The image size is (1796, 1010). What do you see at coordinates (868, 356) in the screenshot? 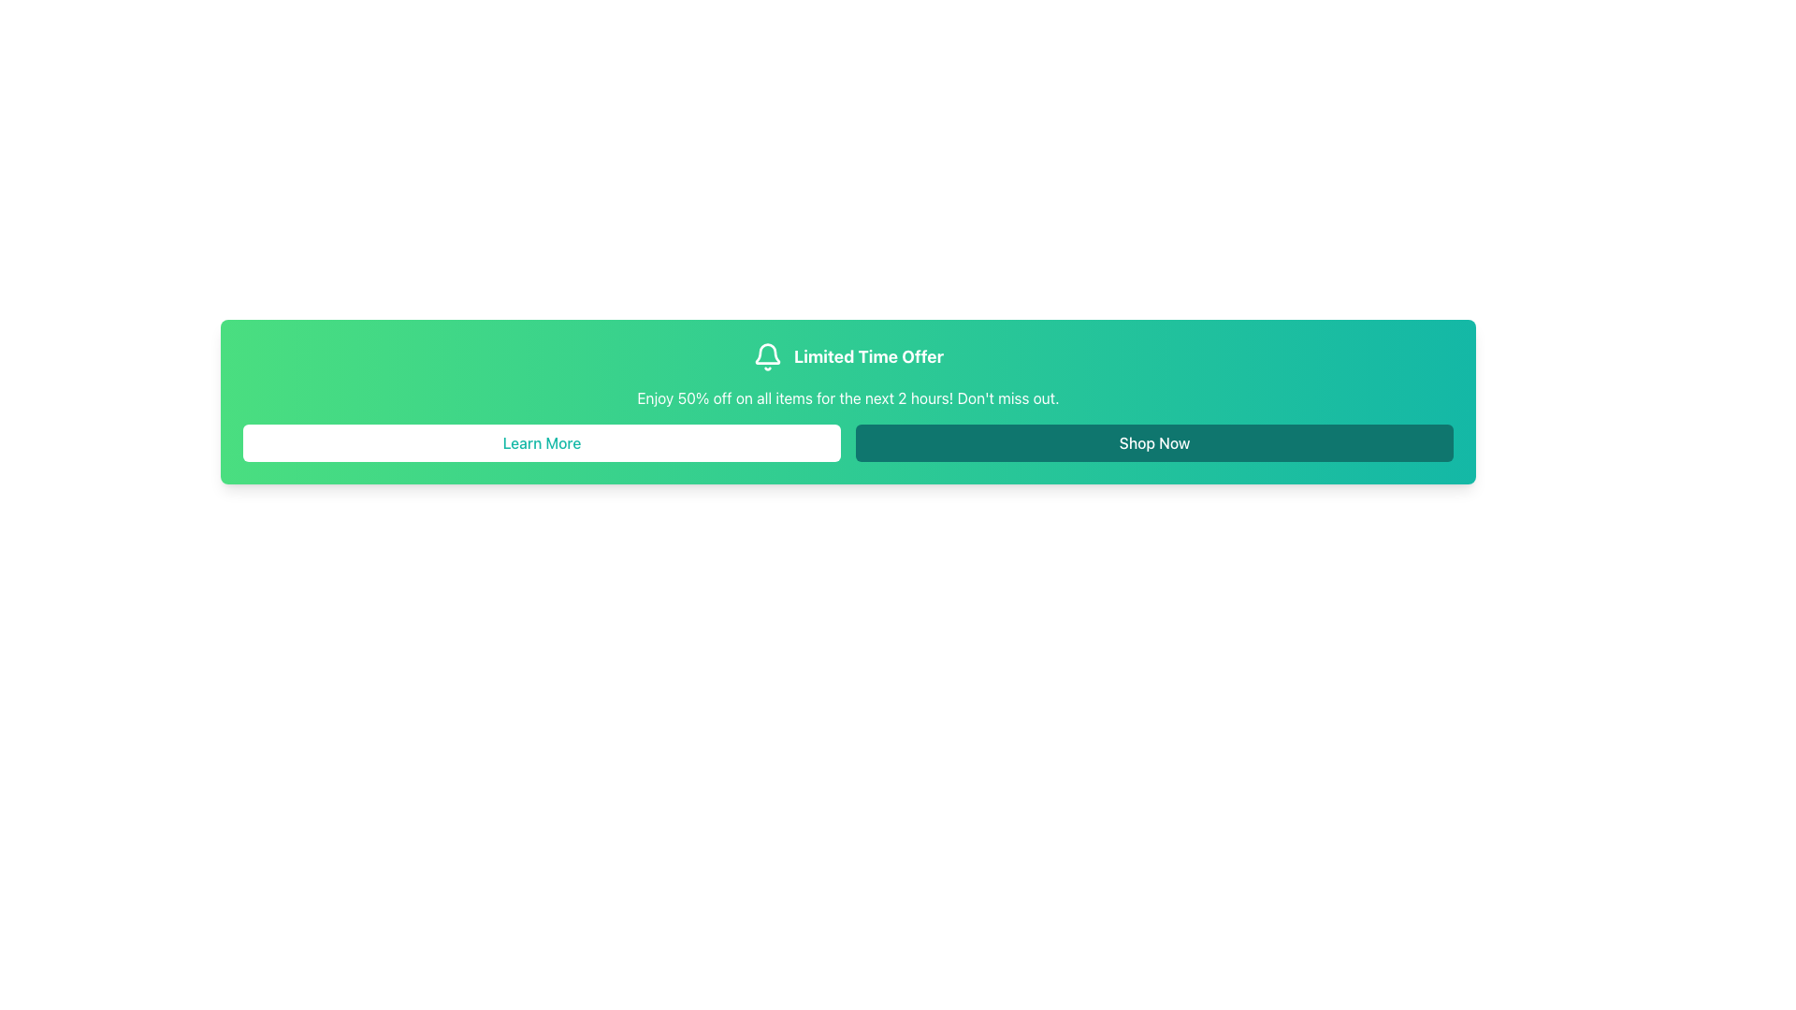
I see `the text element reading 'Limited Time Offer' which has a bold font style and is located on a green background area, positioned to the right of a bell icon` at bounding box center [868, 356].